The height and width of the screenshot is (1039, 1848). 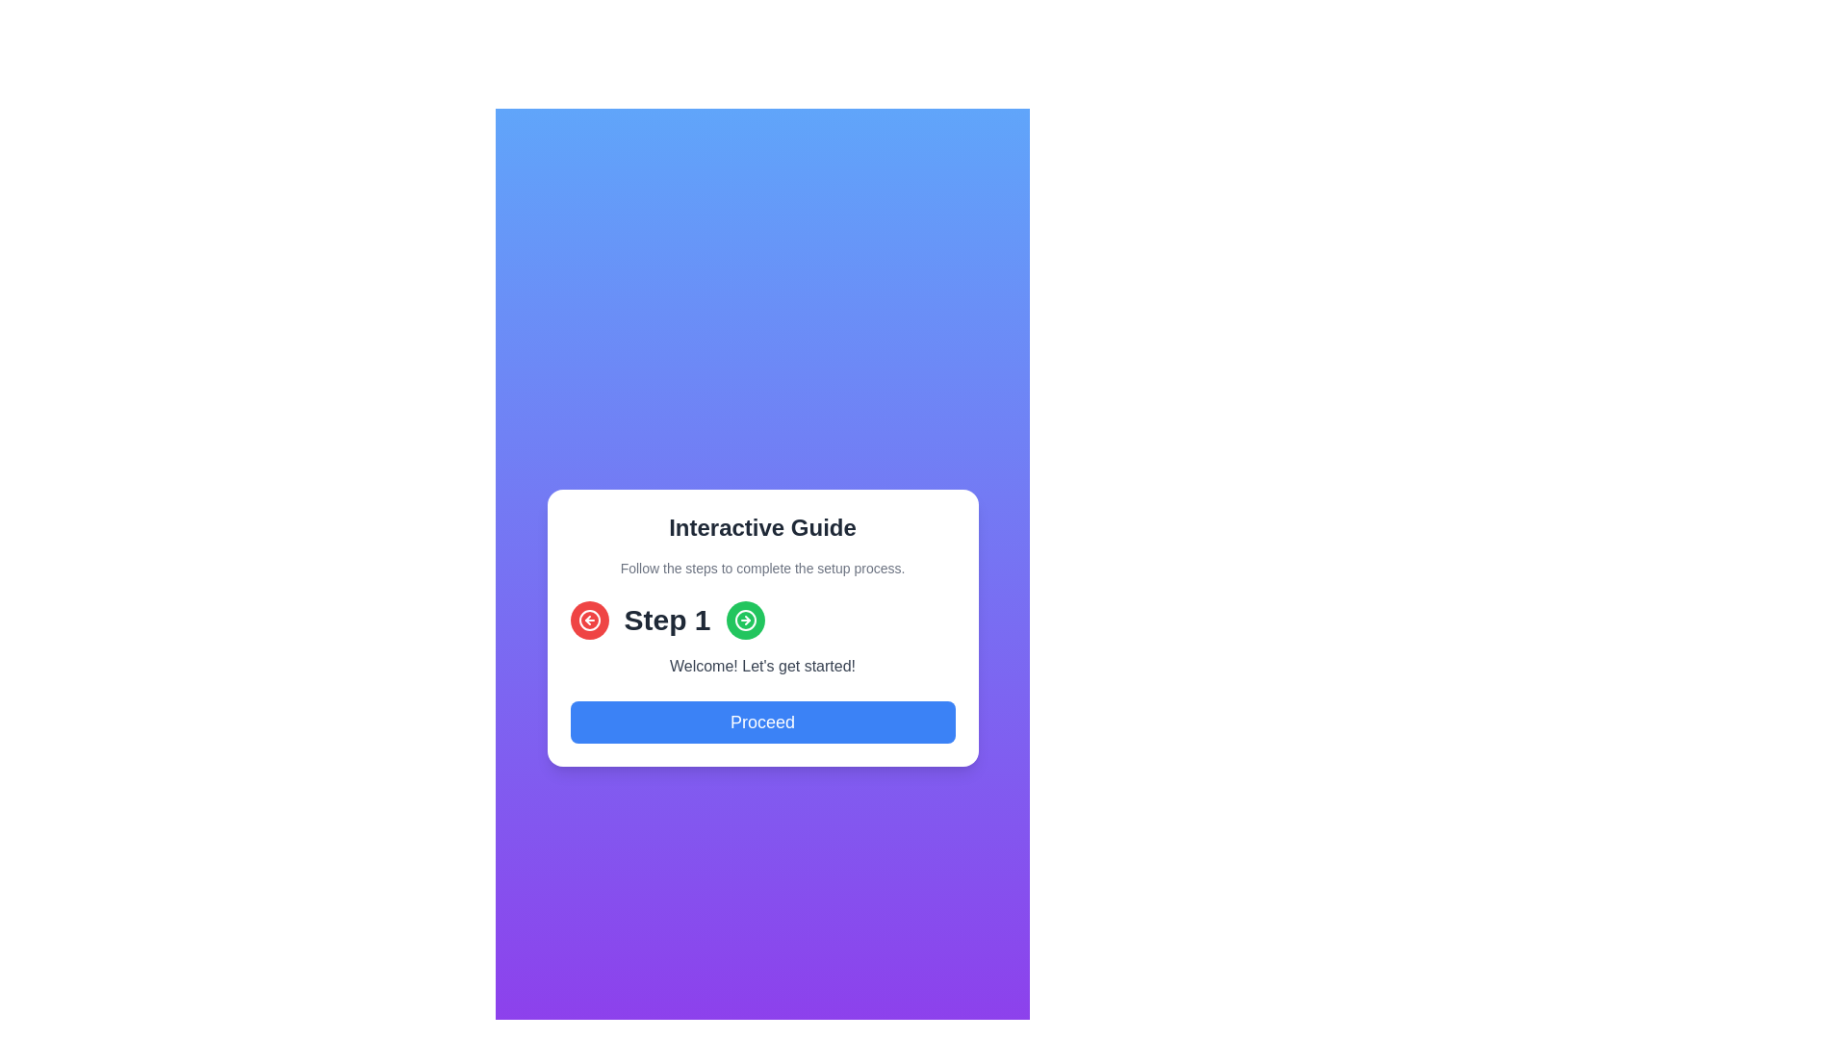 What do you see at coordinates (761, 527) in the screenshot?
I see `the static text heading displaying 'Interactive Guide' which is styled in bold, large dark gray font at the top of a white card` at bounding box center [761, 527].